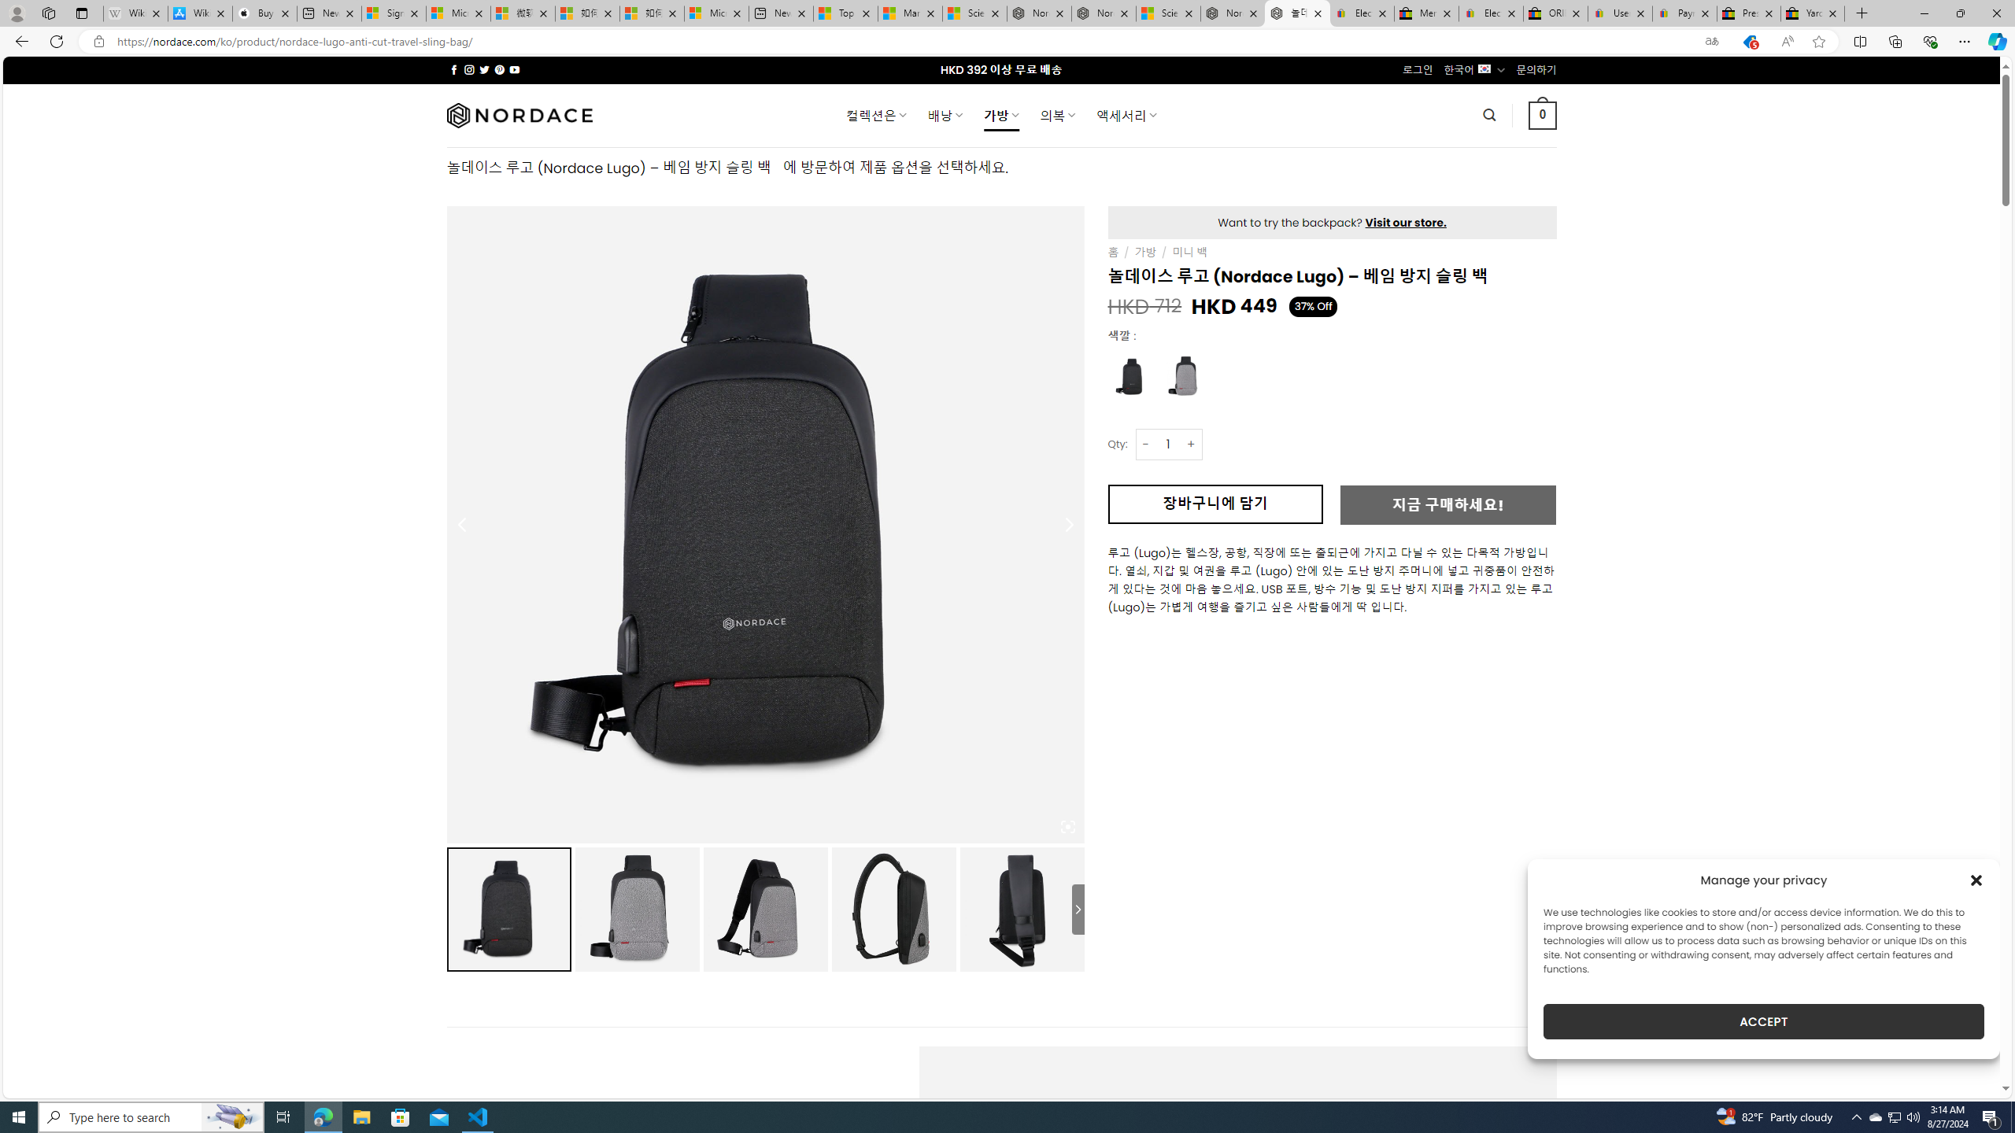 This screenshot has width=2015, height=1133. Describe the element at coordinates (484, 69) in the screenshot. I see `'Follow on Twitter'` at that location.